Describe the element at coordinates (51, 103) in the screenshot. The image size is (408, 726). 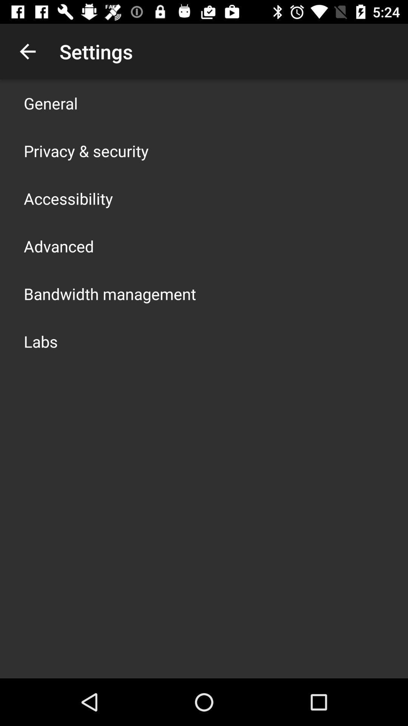
I see `icon above privacy & security item` at that location.